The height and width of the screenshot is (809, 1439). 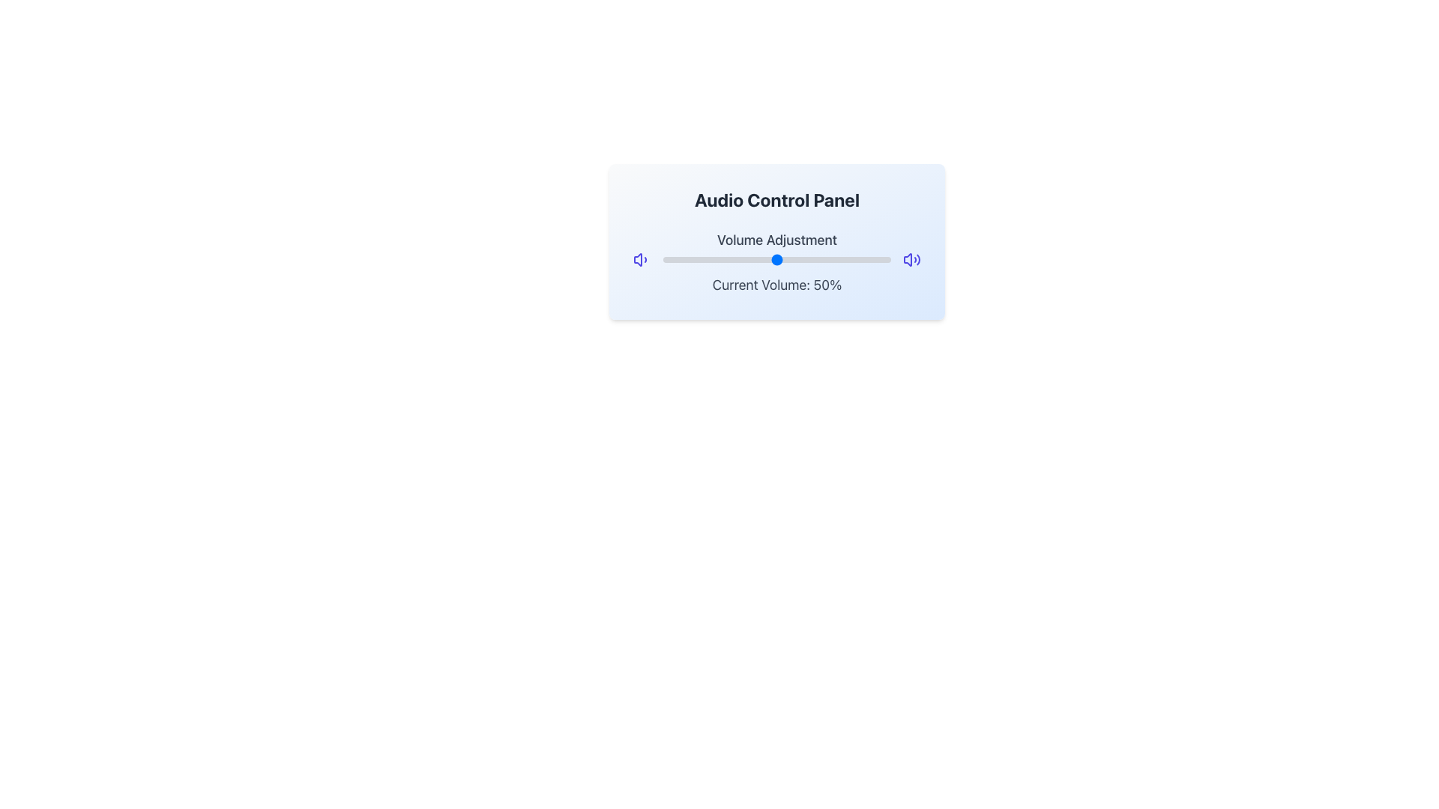 What do you see at coordinates (828, 259) in the screenshot?
I see `the slider` at bounding box center [828, 259].